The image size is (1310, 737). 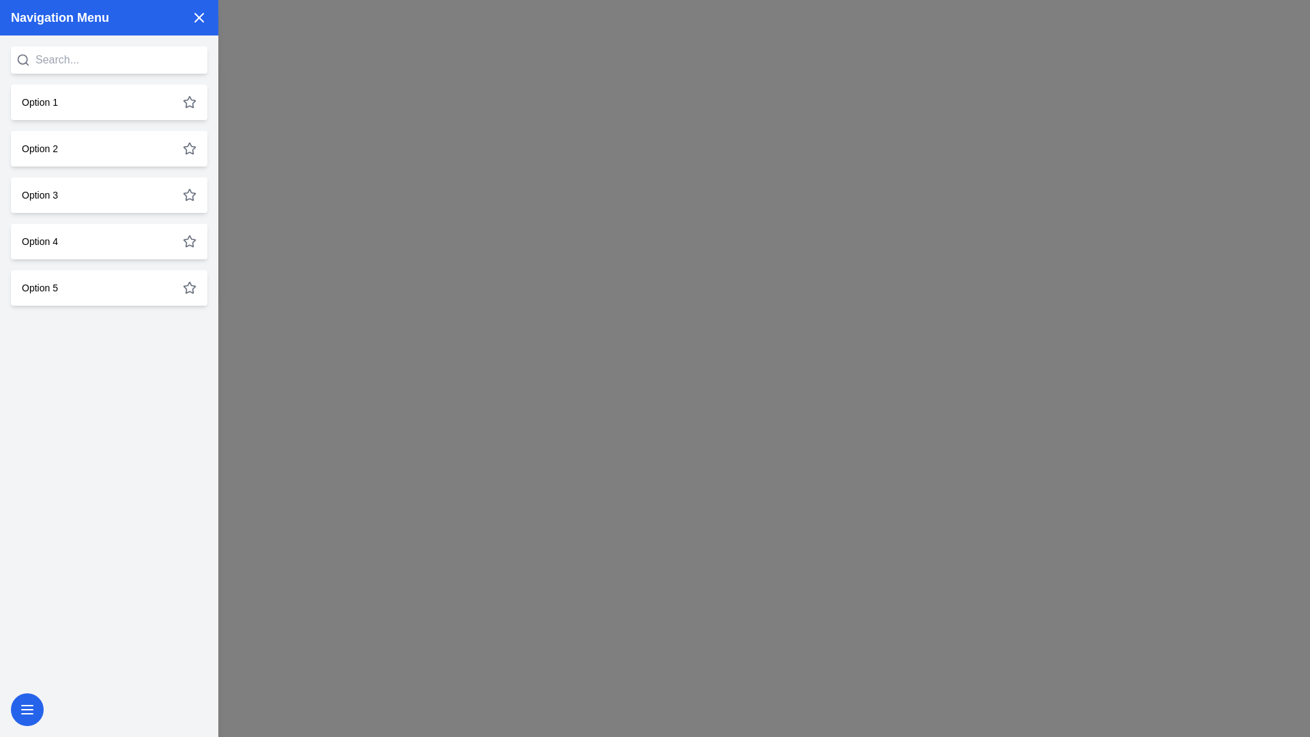 What do you see at coordinates (189, 148) in the screenshot?
I see `the star icon with a gray outline located in the second item of the vertical navigation menu` at bounding box center [189, 148].